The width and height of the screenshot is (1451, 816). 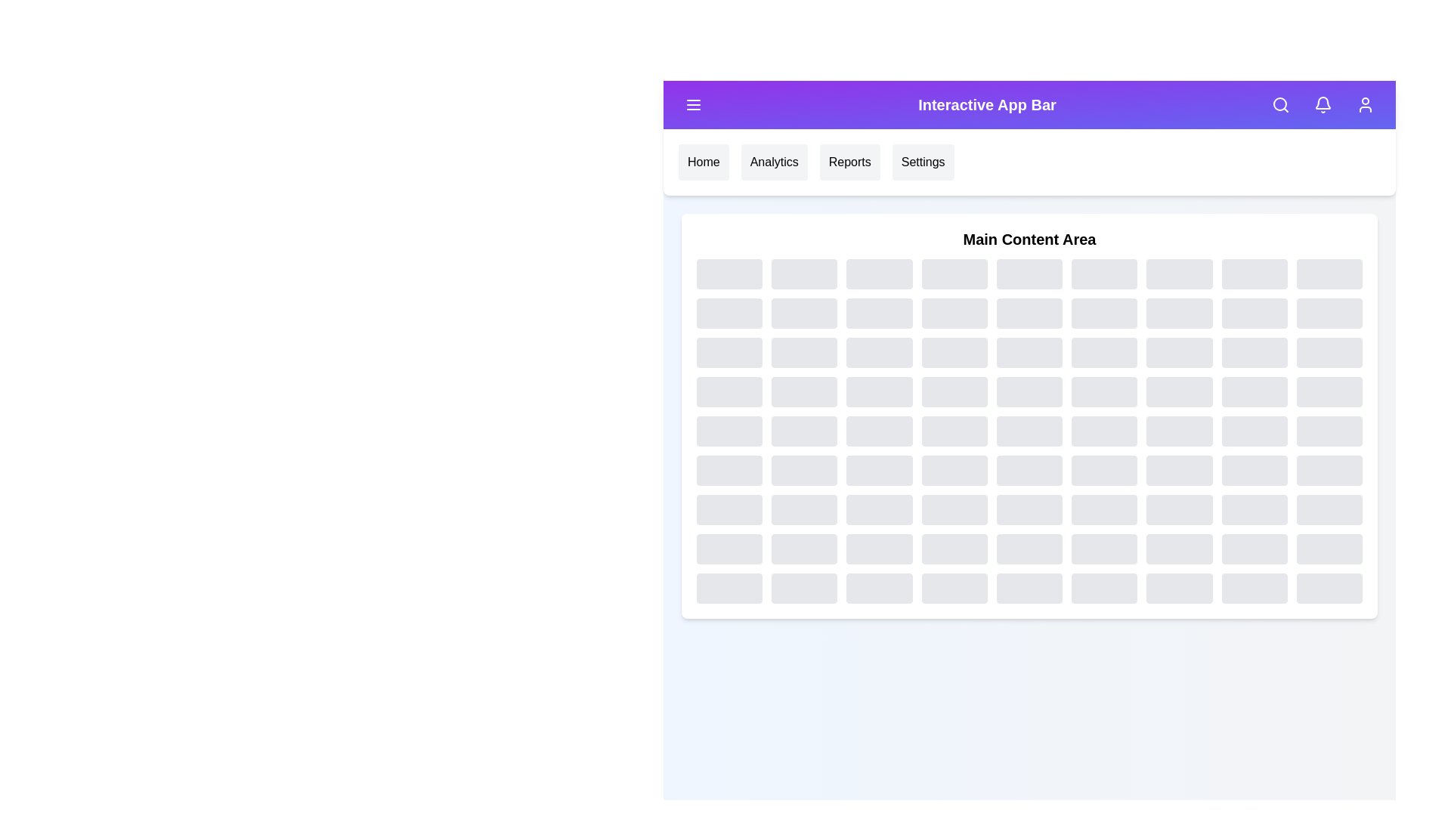 I want to click on the header text to select it, so click(x=987, y=104).